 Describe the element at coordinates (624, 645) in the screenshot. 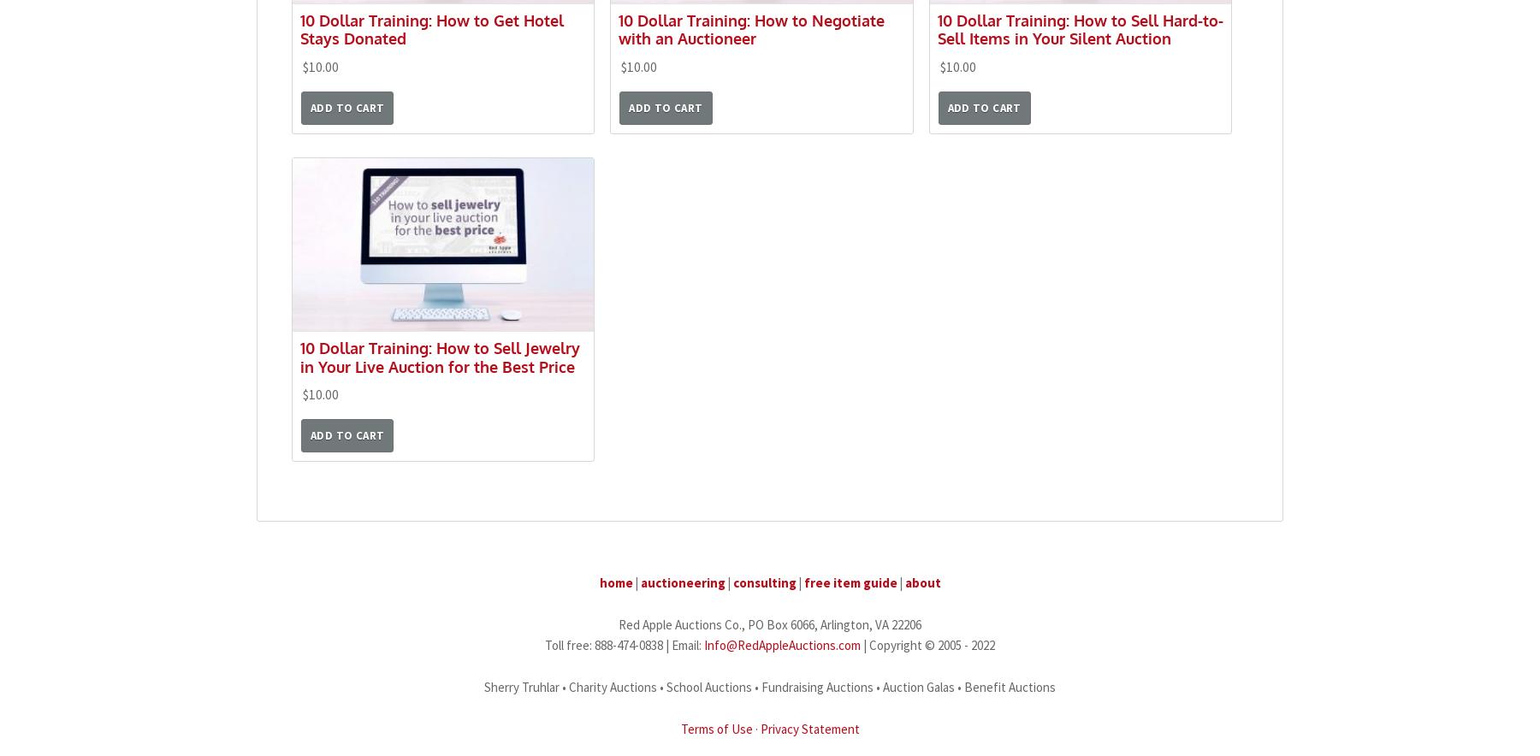

I see `'Toll free: 888-474-0838 | Email:'` at that location.